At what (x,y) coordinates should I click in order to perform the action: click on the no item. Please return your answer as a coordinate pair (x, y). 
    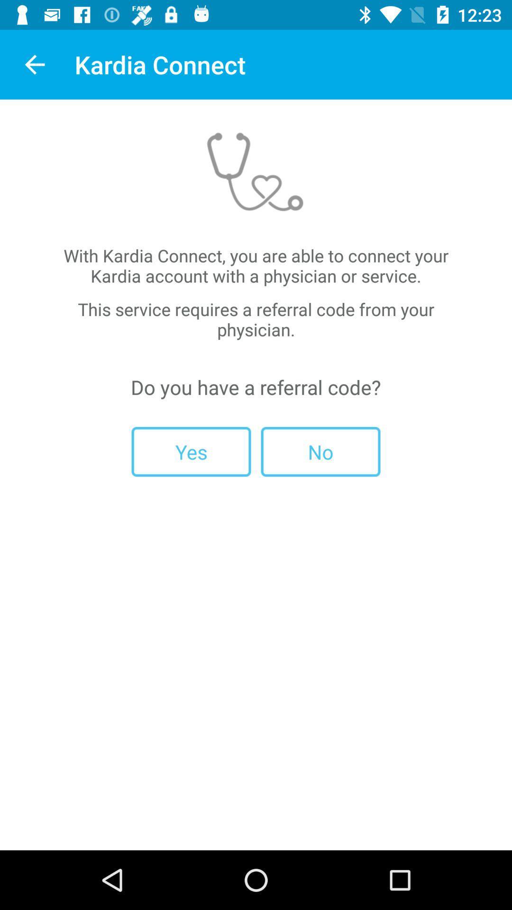
    Looking at the image, I should click on (320, 451).